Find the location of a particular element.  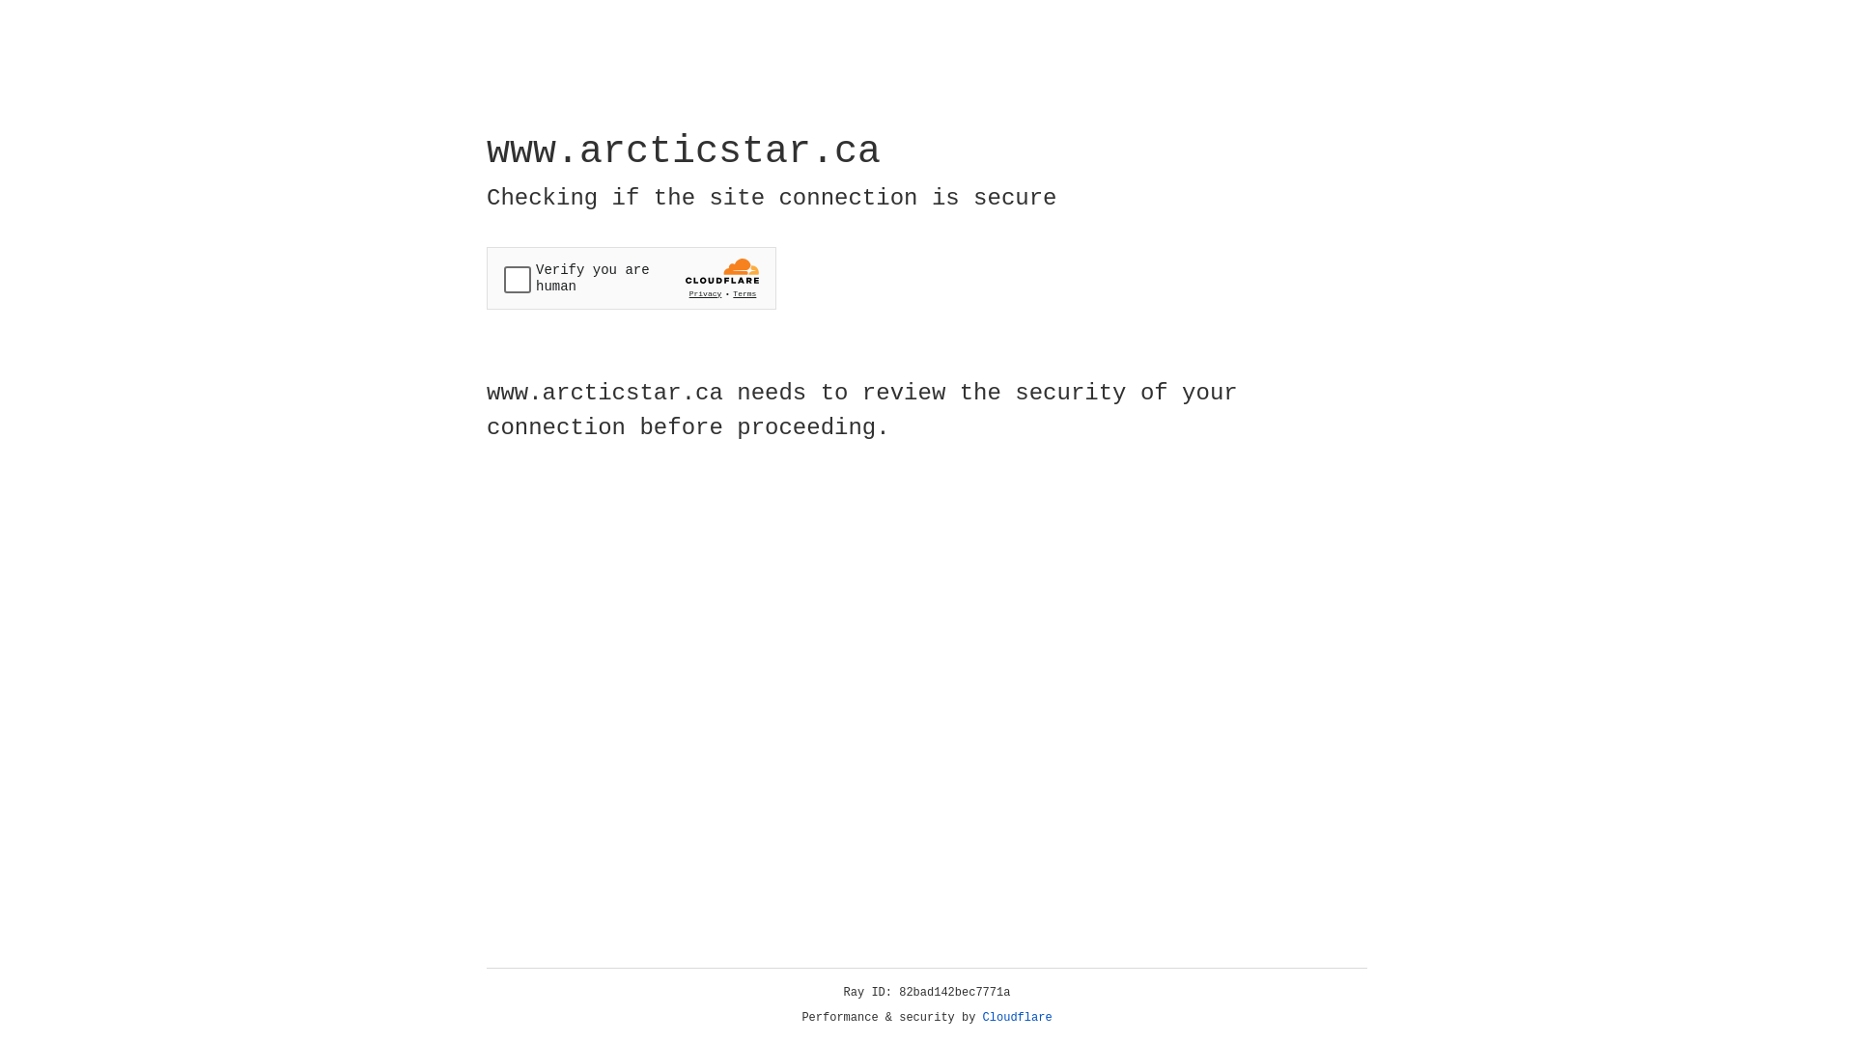

'Cloudflare' is located at coordinates (982, 1017).